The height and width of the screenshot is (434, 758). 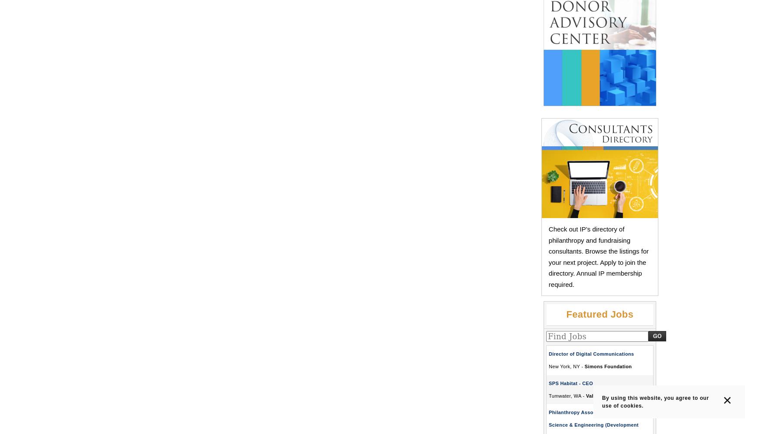 What do you see at coordinates (599, 256) in the screenshot?
I see `'Check out IP’s directory of philanthropy and fundraising consultants. Browse the listings for your next project. Apply to join the directory. Annual IP membership required.'` at bounding box center [599, 256].